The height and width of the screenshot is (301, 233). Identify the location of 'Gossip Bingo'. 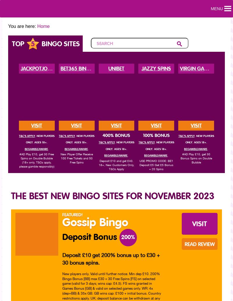
(95, 223).